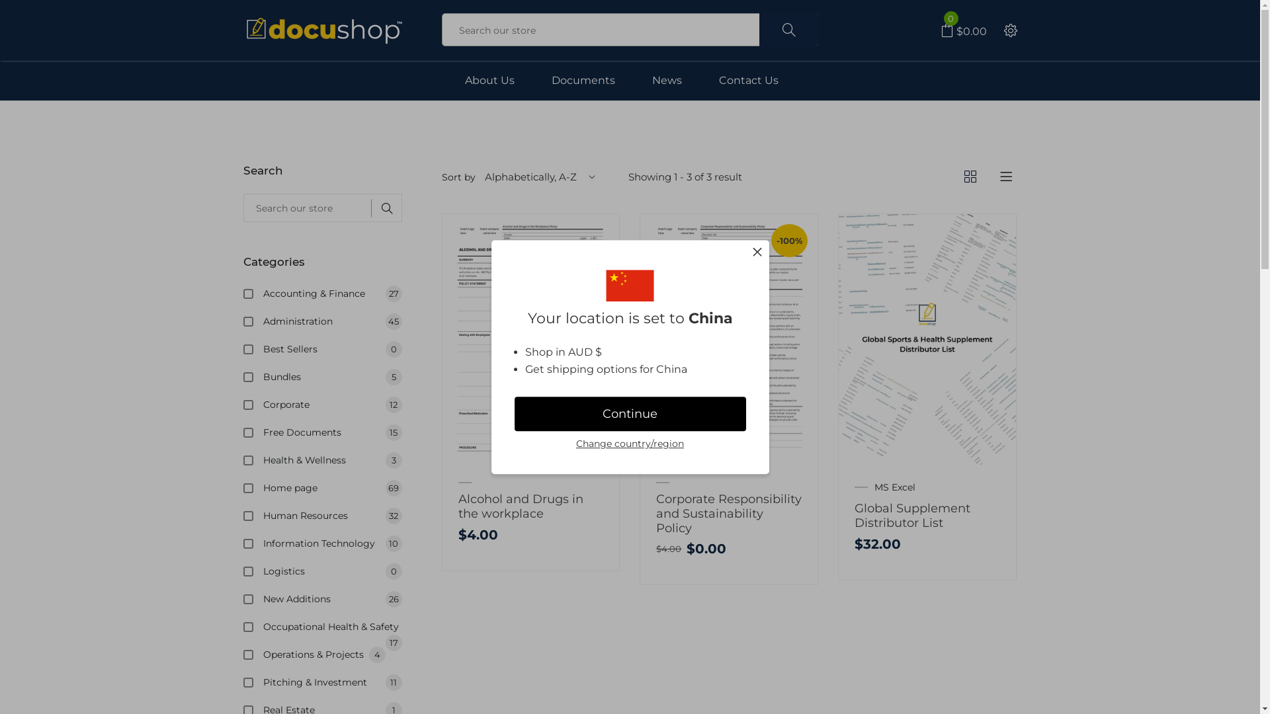 The image size is (1270, 714). What do you see at coordinates (488, 81) in the screenshot?
I see `'About Us'` at bounding box center [488, 81].